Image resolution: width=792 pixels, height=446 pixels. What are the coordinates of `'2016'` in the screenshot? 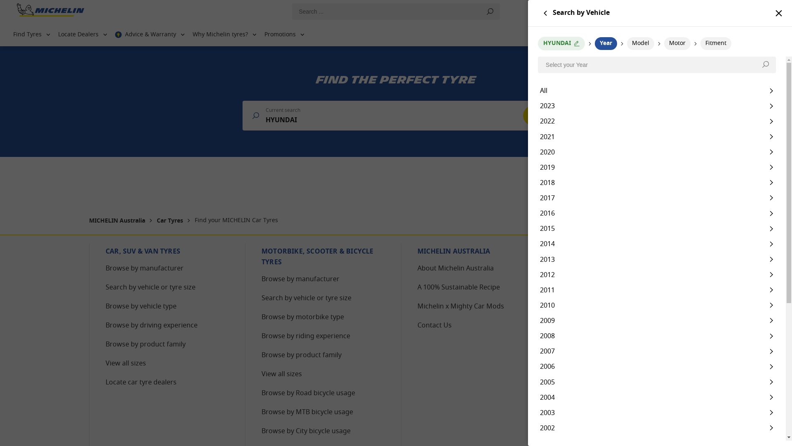 It's located at (656, 213).